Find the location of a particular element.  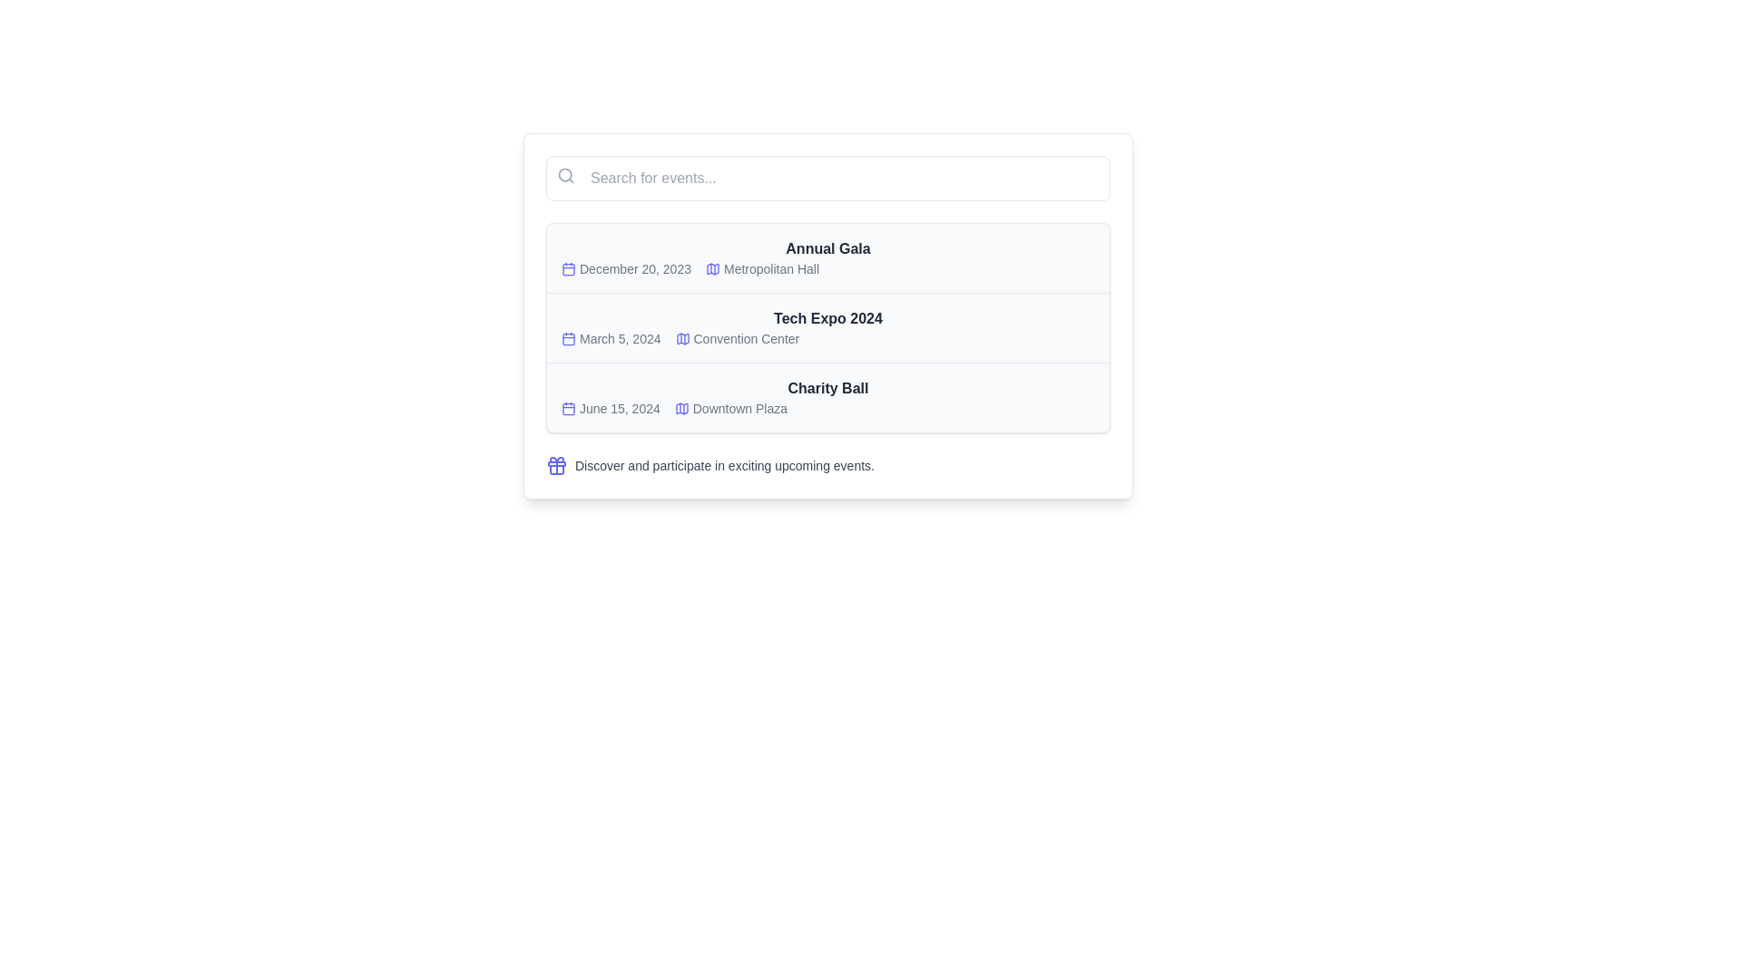

the small, stylized map icon located in the top-left area of the events segment, near the text 'Metropolitan Hall' under the 'Annual Gala' event is located at coordinates (712, 269).